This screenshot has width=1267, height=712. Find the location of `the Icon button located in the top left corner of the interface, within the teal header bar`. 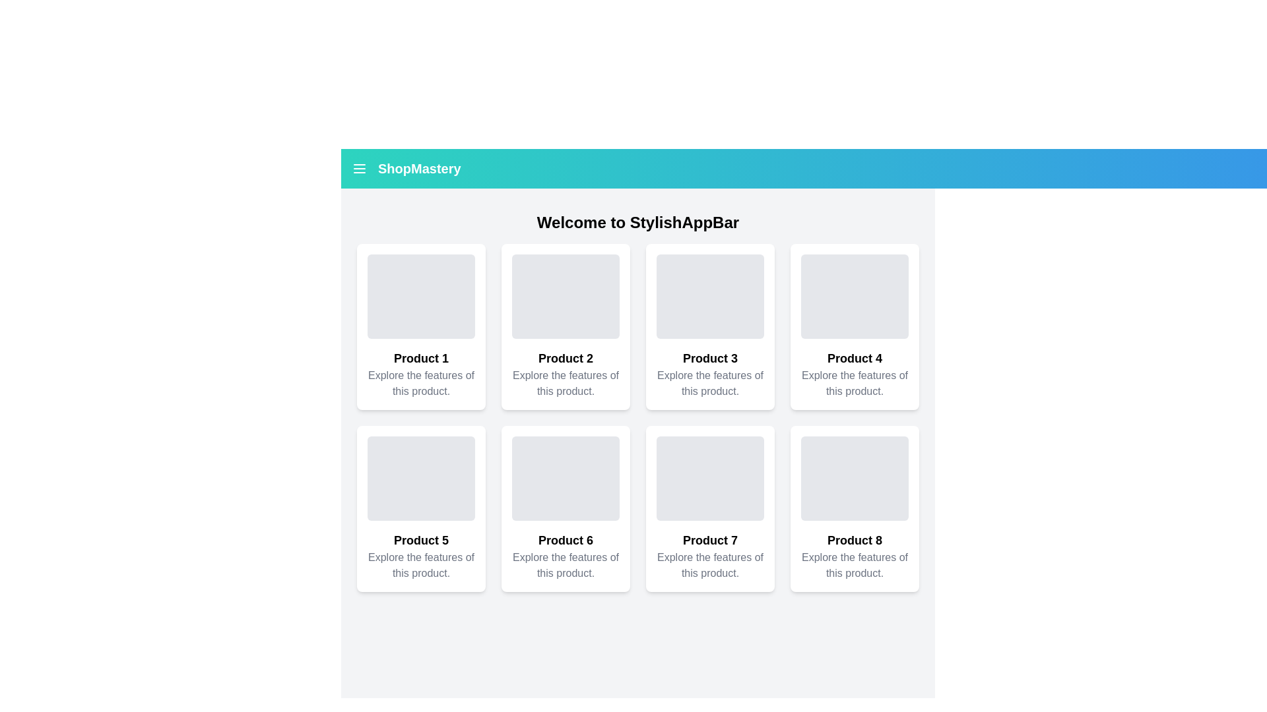

the Icon button located in the top left corner of the interface, within the teal header bar is located at coordinates (360, 167).